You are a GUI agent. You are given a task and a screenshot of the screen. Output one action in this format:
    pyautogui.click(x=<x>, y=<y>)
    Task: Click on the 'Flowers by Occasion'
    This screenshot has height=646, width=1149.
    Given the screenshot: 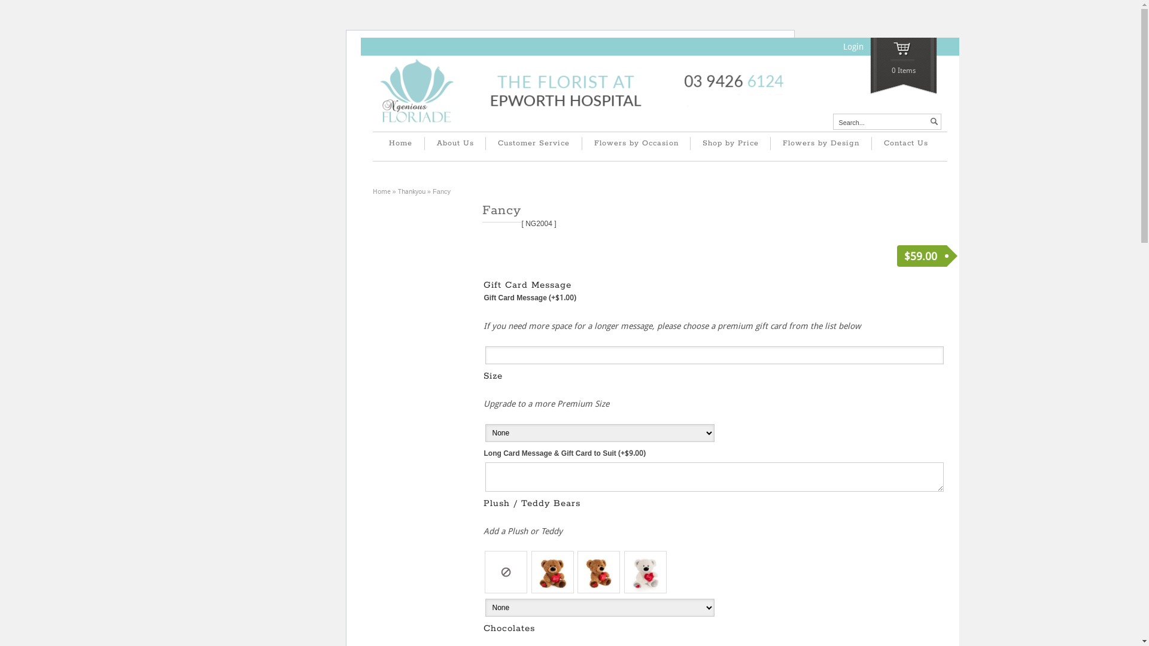 What is the action you would take?
    pyautogui.click(x=635, y=142)
    